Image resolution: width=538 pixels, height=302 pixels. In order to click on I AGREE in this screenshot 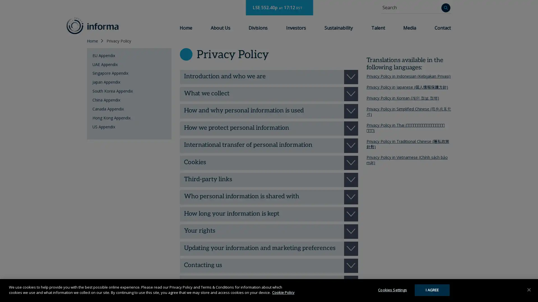, I will do `click(432, 290)`.